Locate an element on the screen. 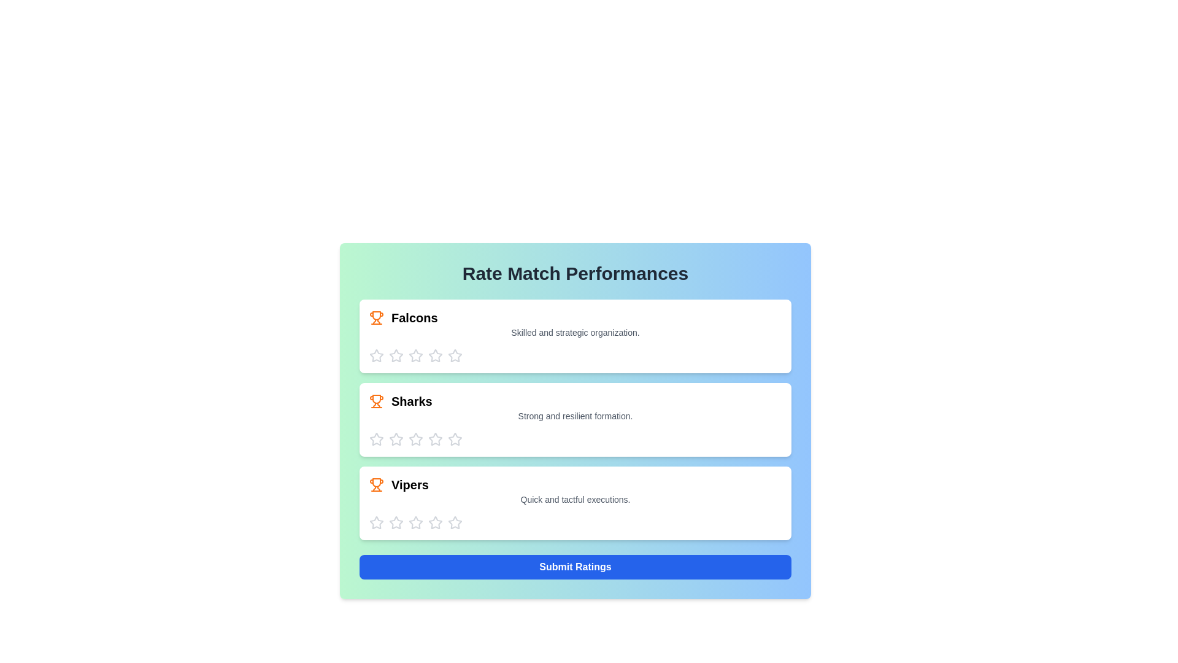 The image size is (1178, 663). the Vipers team's 4 star to set the rating is located at coordinates (436, 523).